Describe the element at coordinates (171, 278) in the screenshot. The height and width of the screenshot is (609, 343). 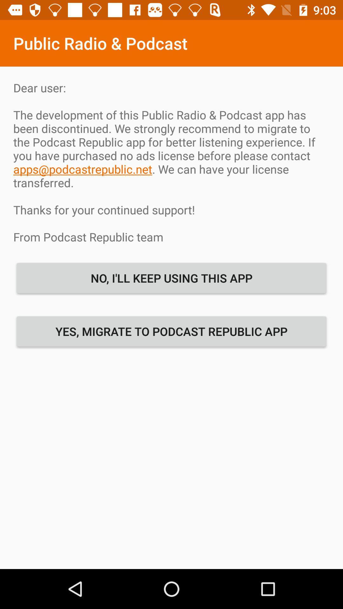
I see `the icon above yes migrate to icon` at that location.